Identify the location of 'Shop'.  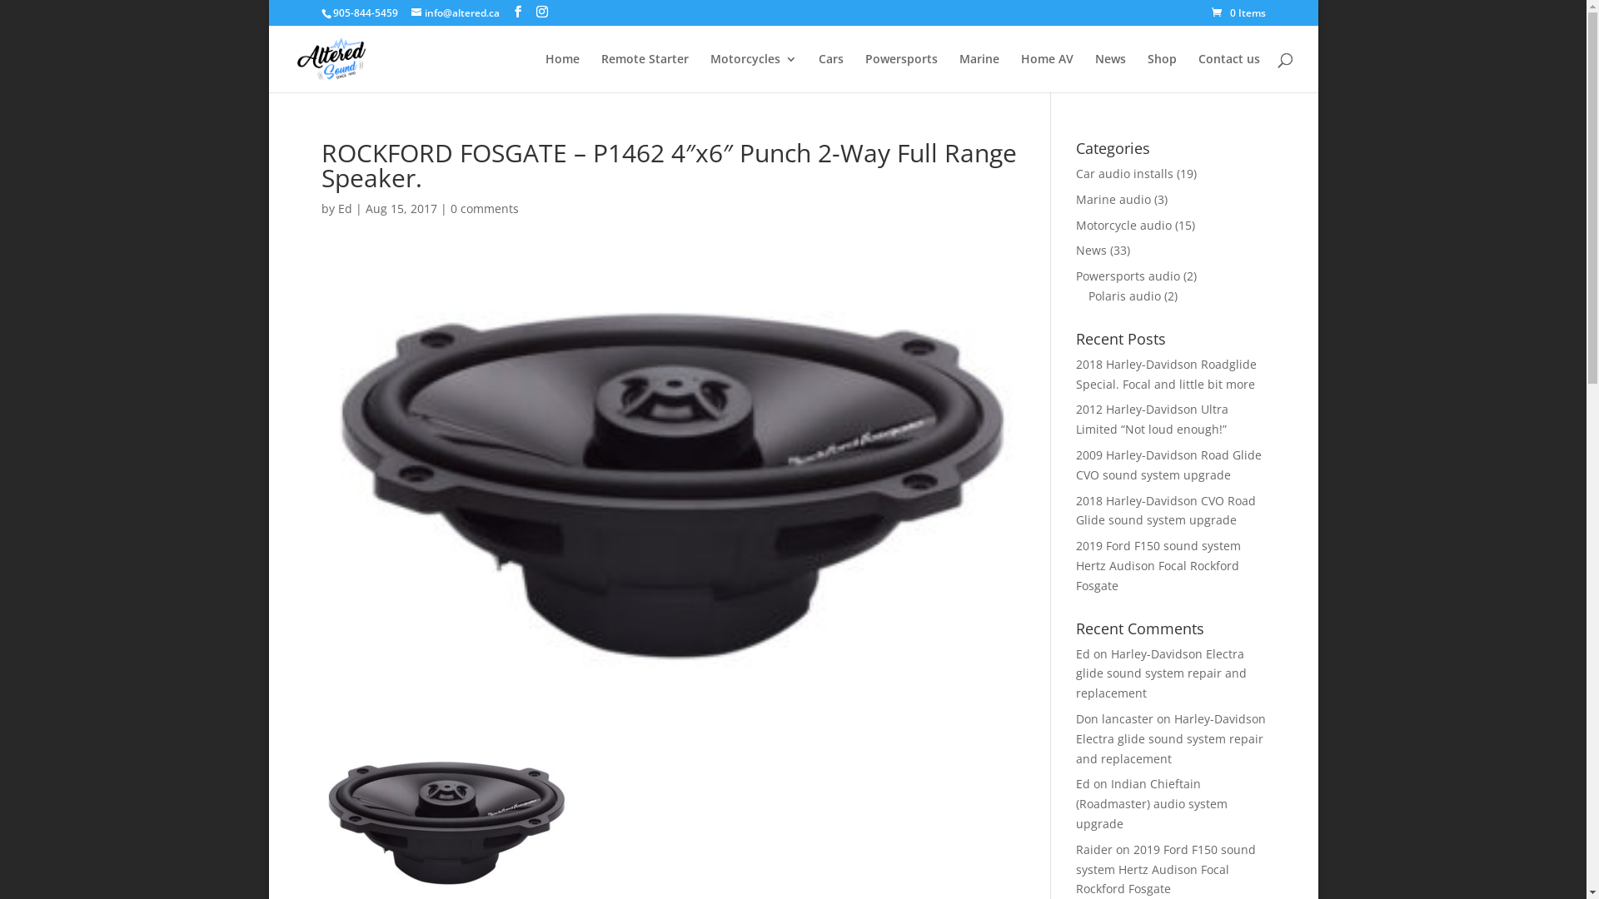
(1146, 72).